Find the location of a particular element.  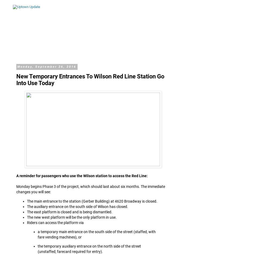

'Monday begins Phase 3 of the project, which should last about six months. The immediate changes you will see:' is located at coordinates (90, 189).